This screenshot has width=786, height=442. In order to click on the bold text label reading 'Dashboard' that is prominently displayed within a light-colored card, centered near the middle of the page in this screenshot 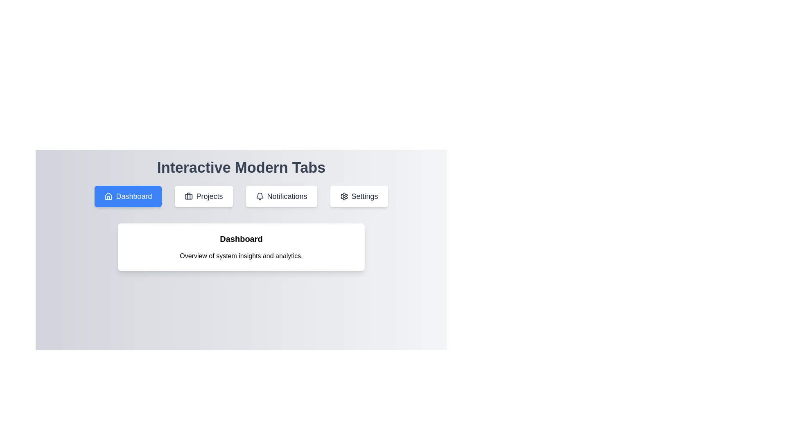, I will do `click(241, 239)`.